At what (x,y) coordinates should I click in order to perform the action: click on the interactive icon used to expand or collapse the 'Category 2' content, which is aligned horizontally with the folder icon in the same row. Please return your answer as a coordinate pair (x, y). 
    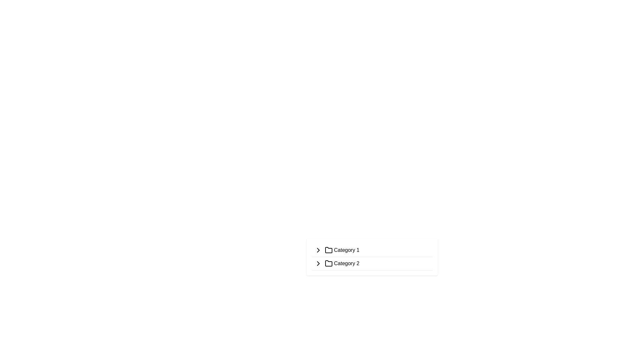
    Looking at the image, I should click on (318, 263).